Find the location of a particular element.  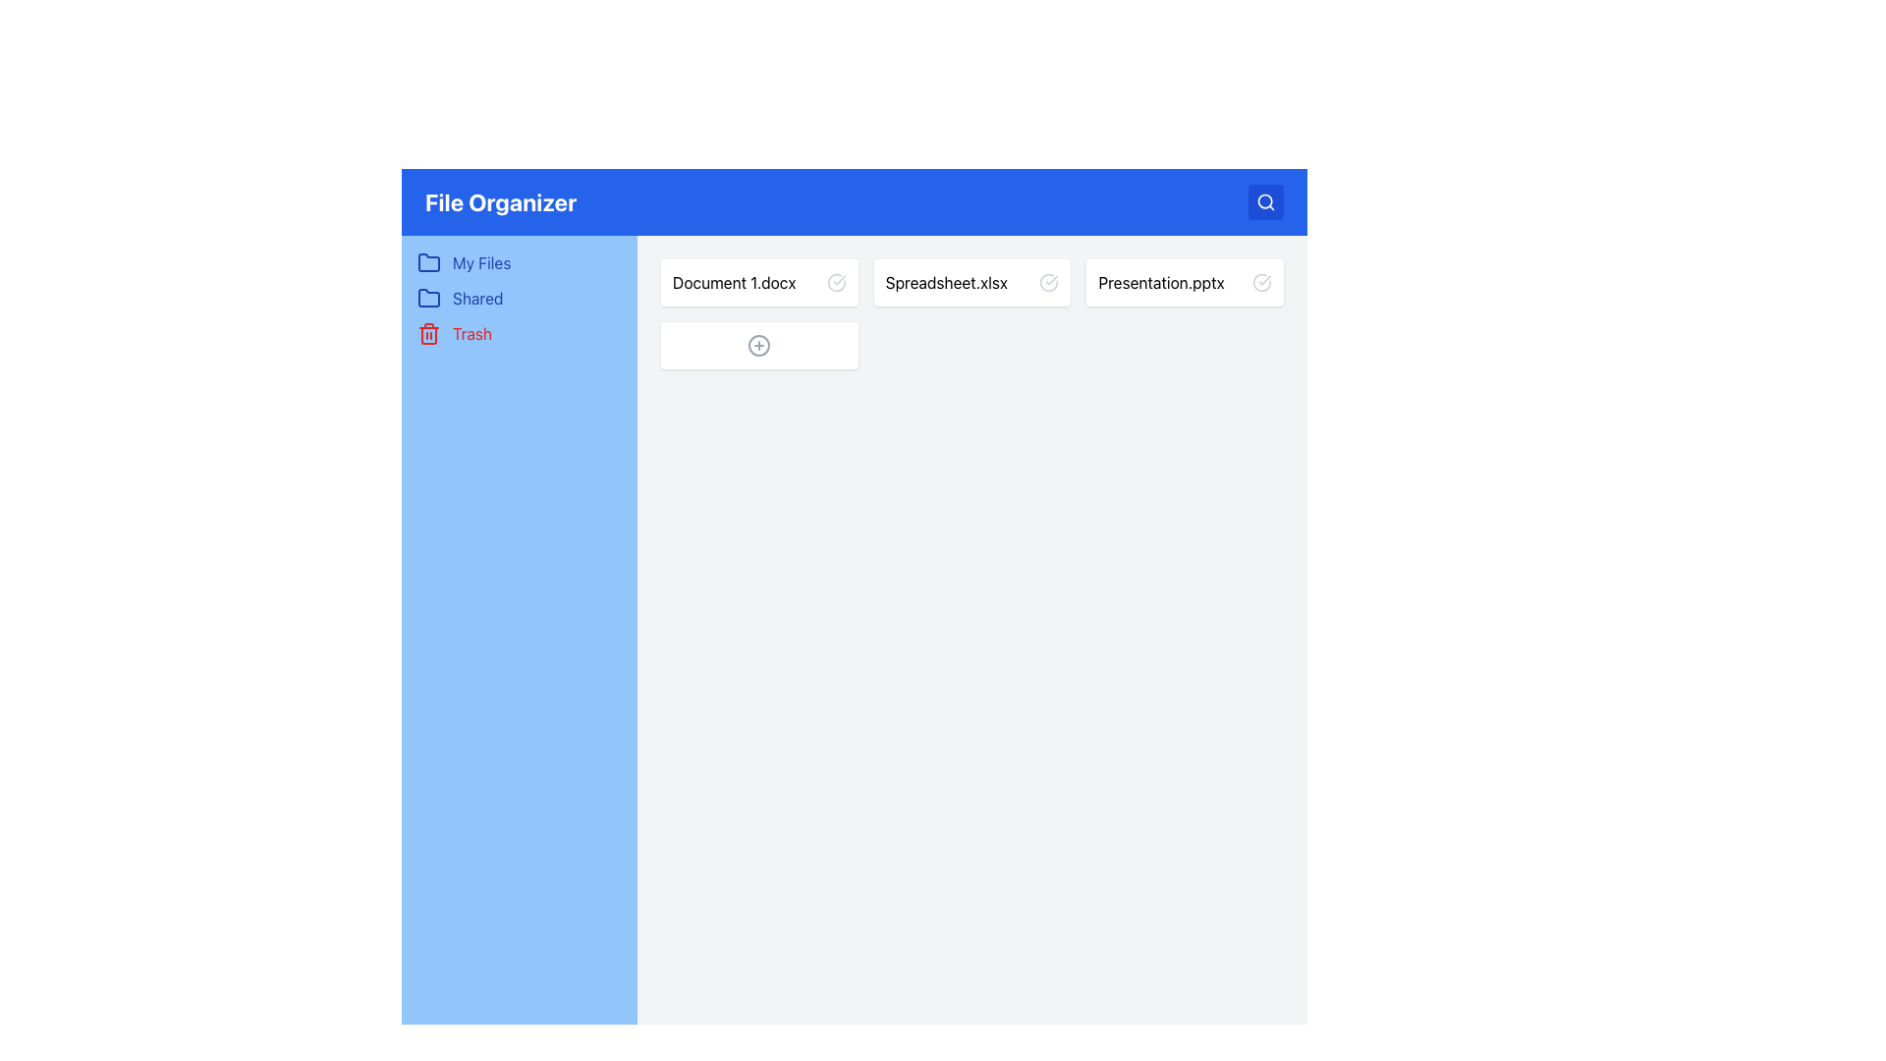

the search trigger button located at the far right side of the header, adjacent to the title 'File Organizer' is located at coordinates (1266, 201).